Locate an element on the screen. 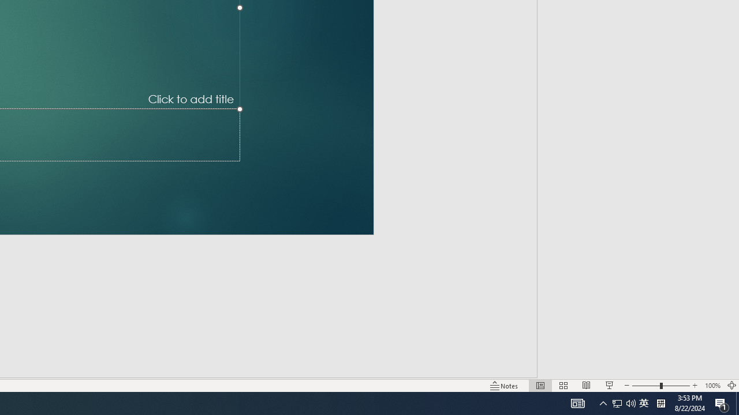  'Slide Sorter' is located at coordinates (563, 386).